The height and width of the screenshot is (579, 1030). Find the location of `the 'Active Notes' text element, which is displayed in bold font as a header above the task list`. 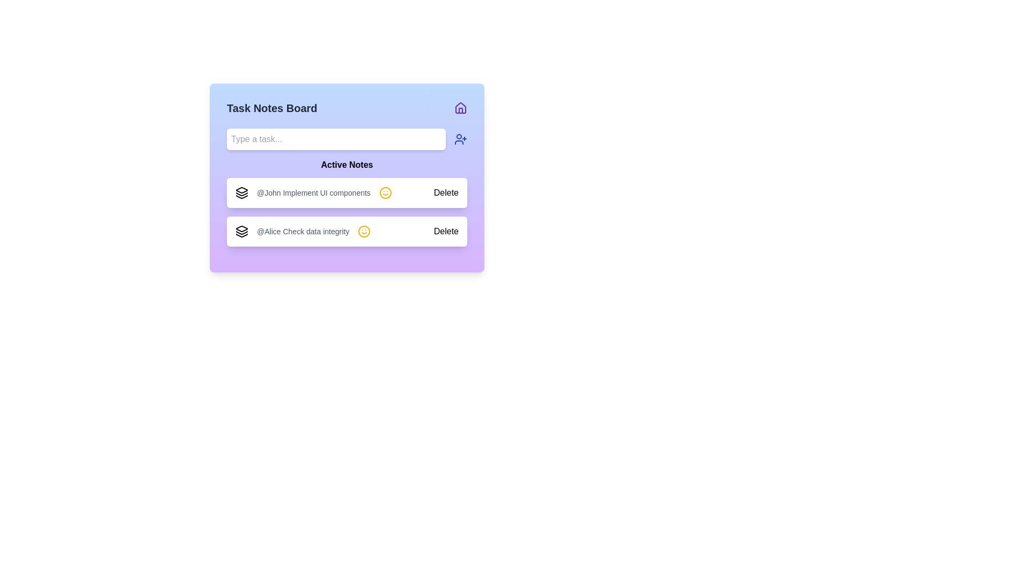

the 'Active Notes' text element, which is displayed in bold font as a header above the task list is located at coordinates (347, 165).